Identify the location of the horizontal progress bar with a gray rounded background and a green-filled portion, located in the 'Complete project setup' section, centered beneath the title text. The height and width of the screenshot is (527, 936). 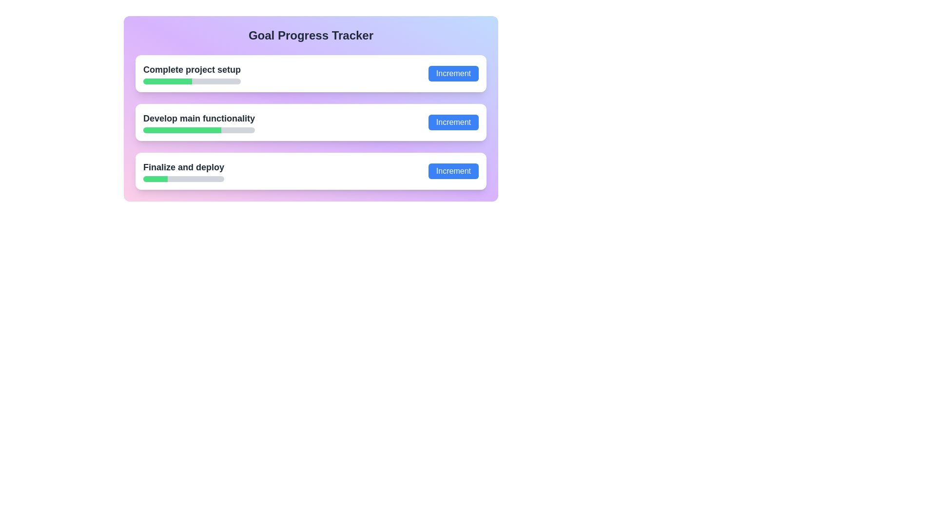
(192, 81).